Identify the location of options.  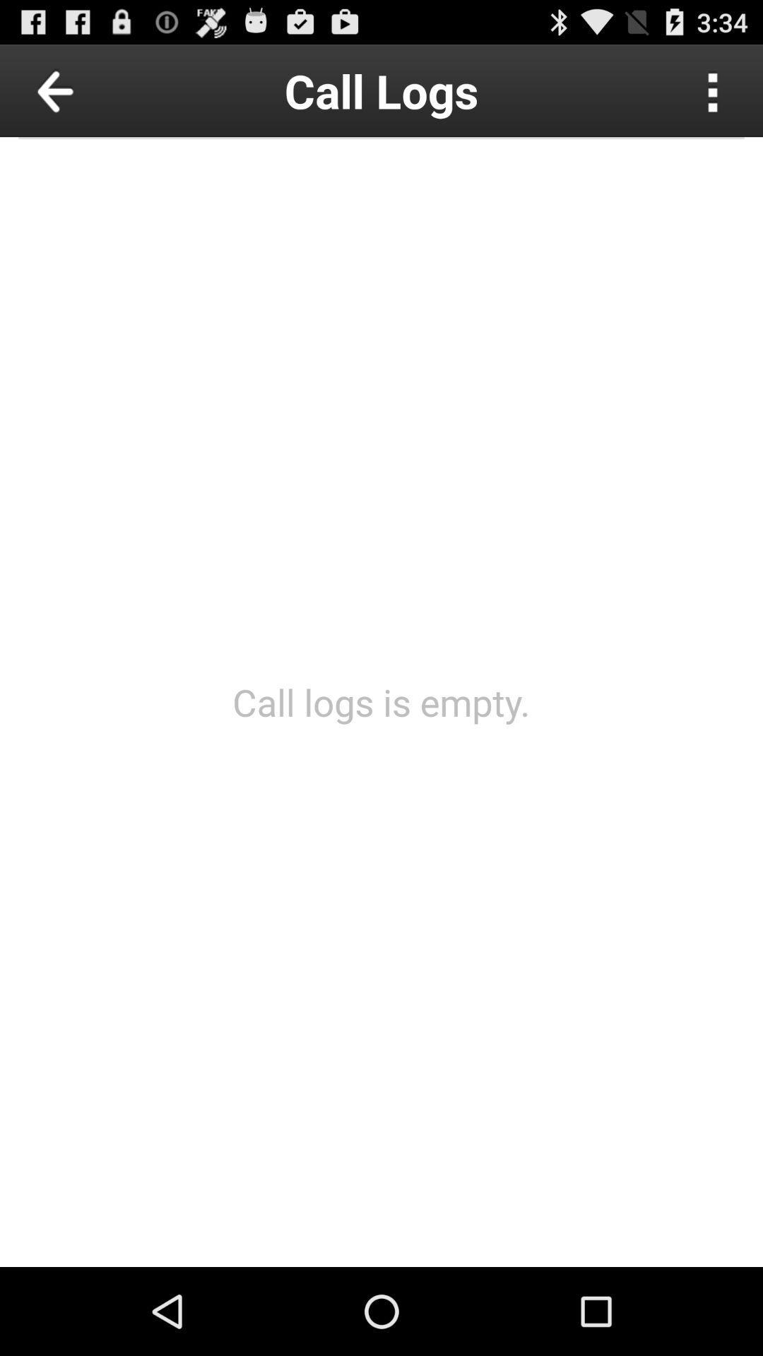
(713, 90).